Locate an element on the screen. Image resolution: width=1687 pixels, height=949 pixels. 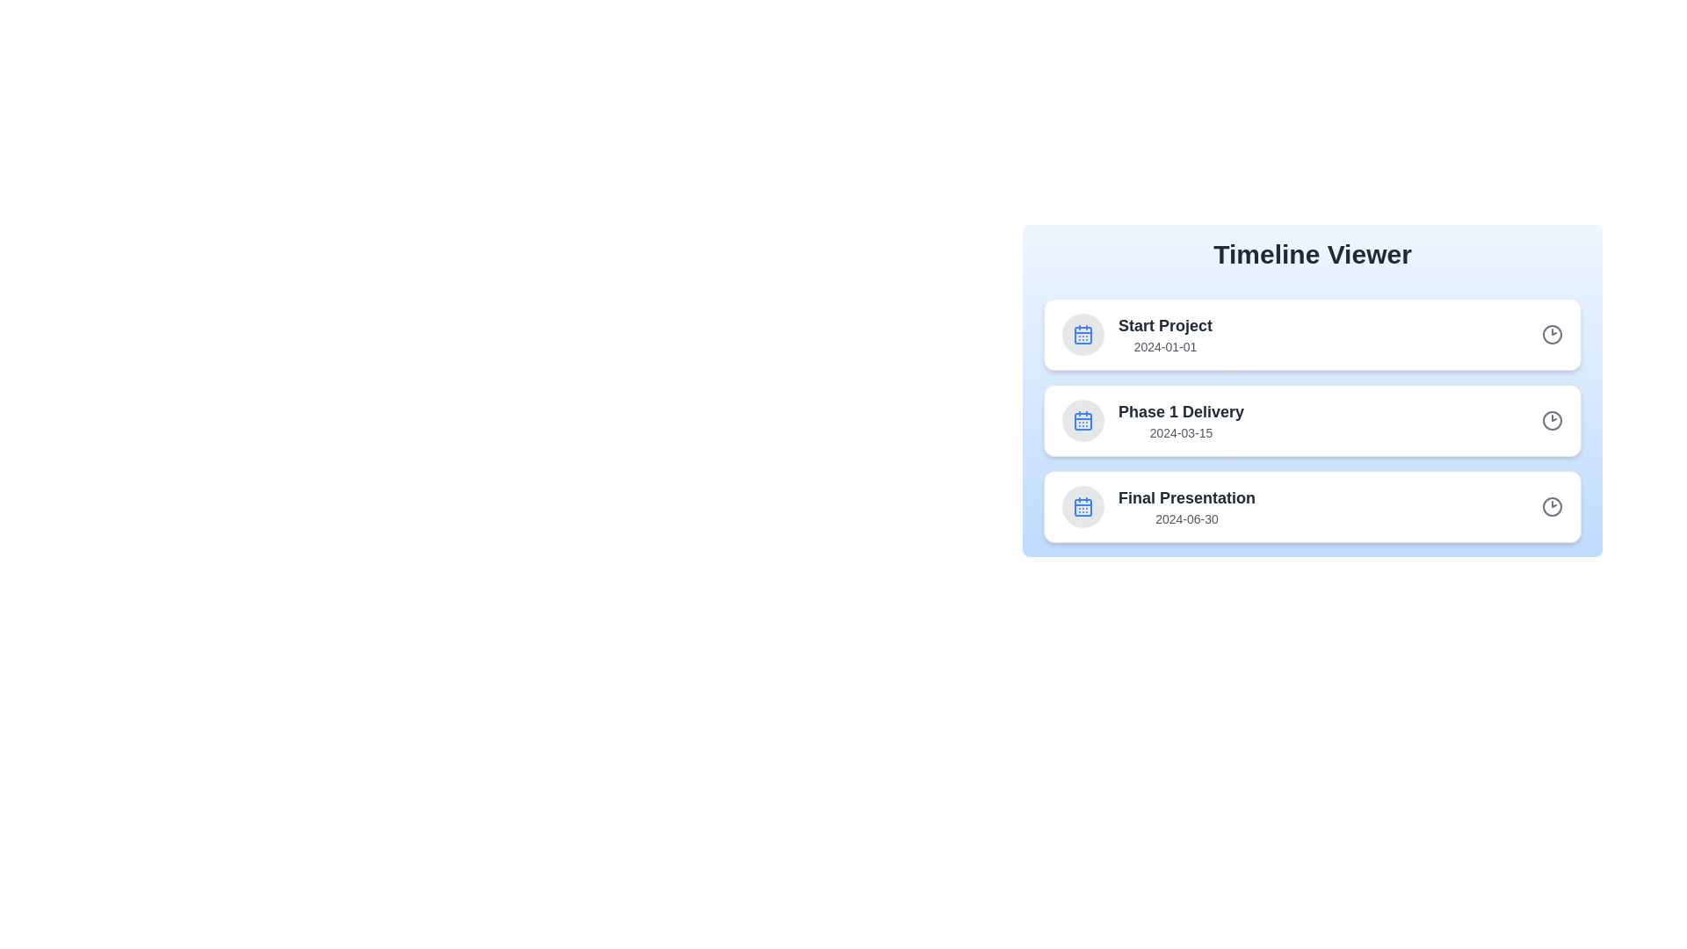
the rounded gray calendar icon with a blue tint, which indicates the 'Phase 1 Delivery' in the timeline list is located at coordinates (1082, 420).